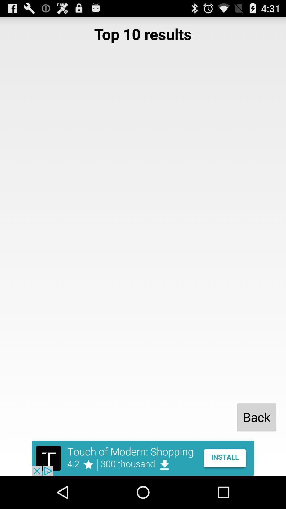  I want to click on advertisement, so click(143, 458).